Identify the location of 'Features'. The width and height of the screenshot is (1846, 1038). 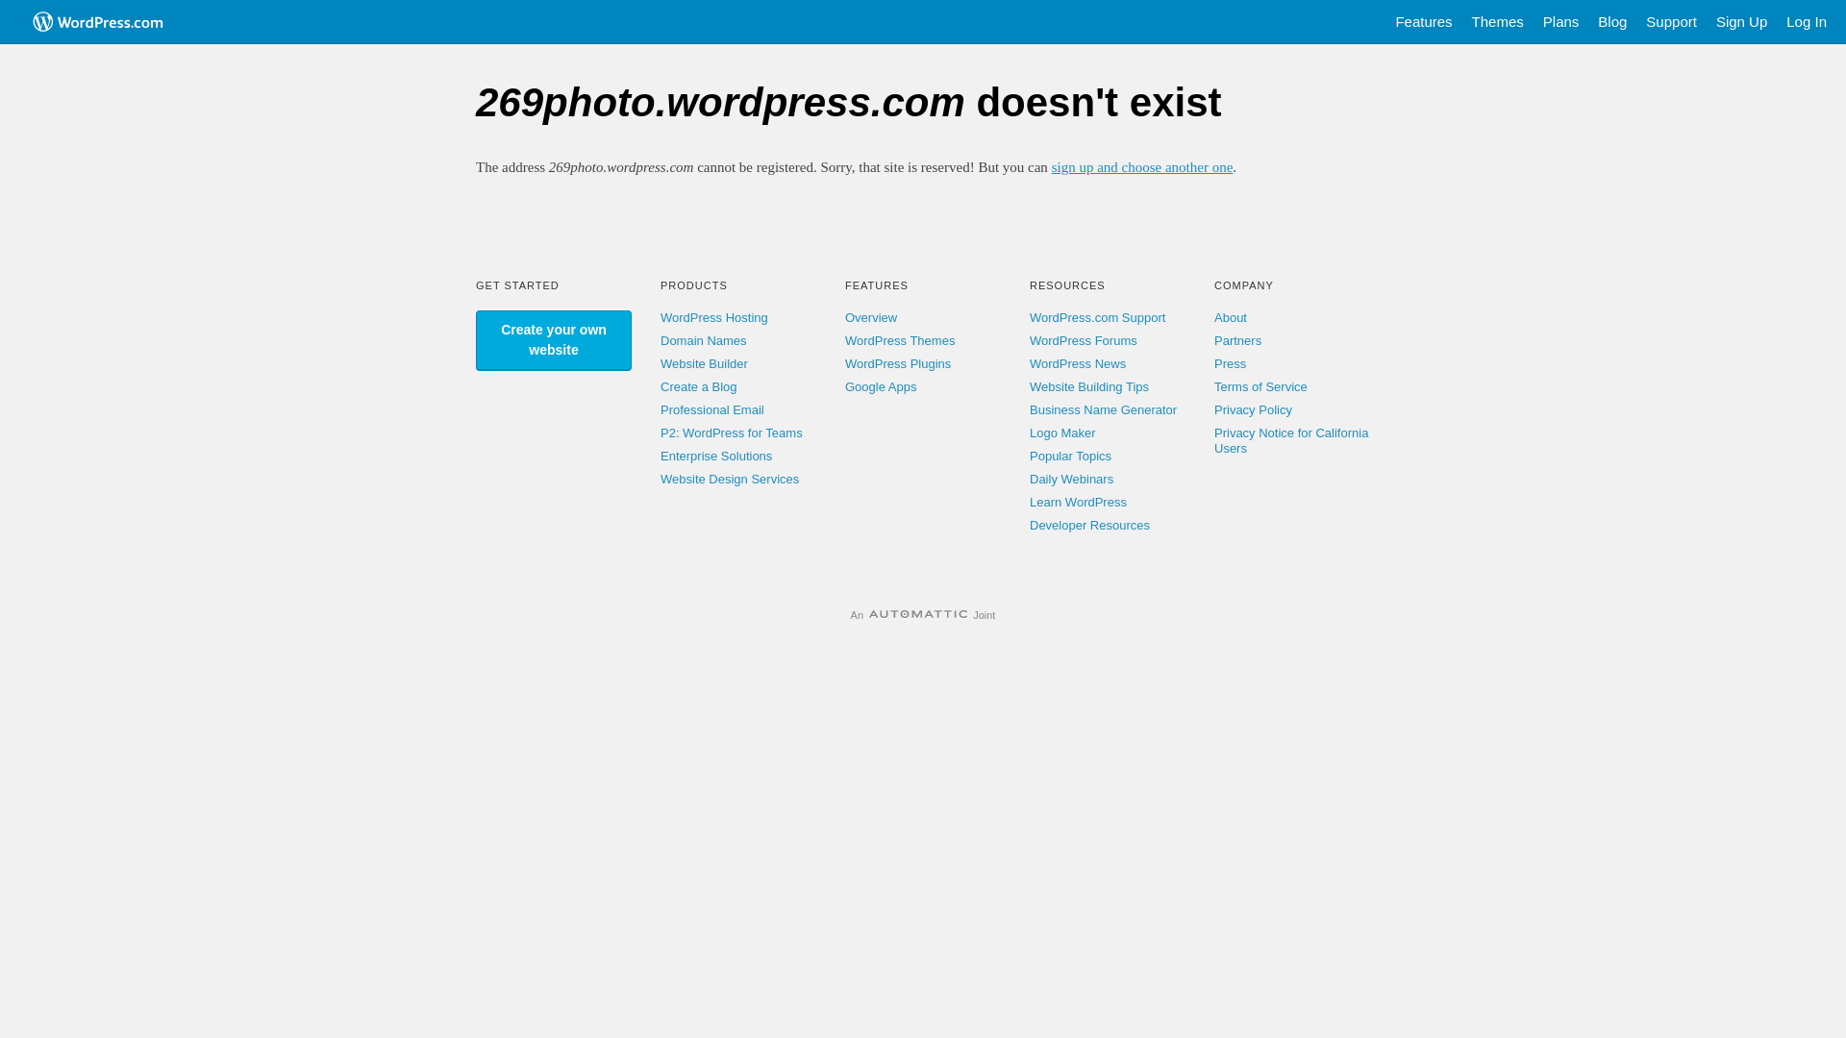
(1423, 22).